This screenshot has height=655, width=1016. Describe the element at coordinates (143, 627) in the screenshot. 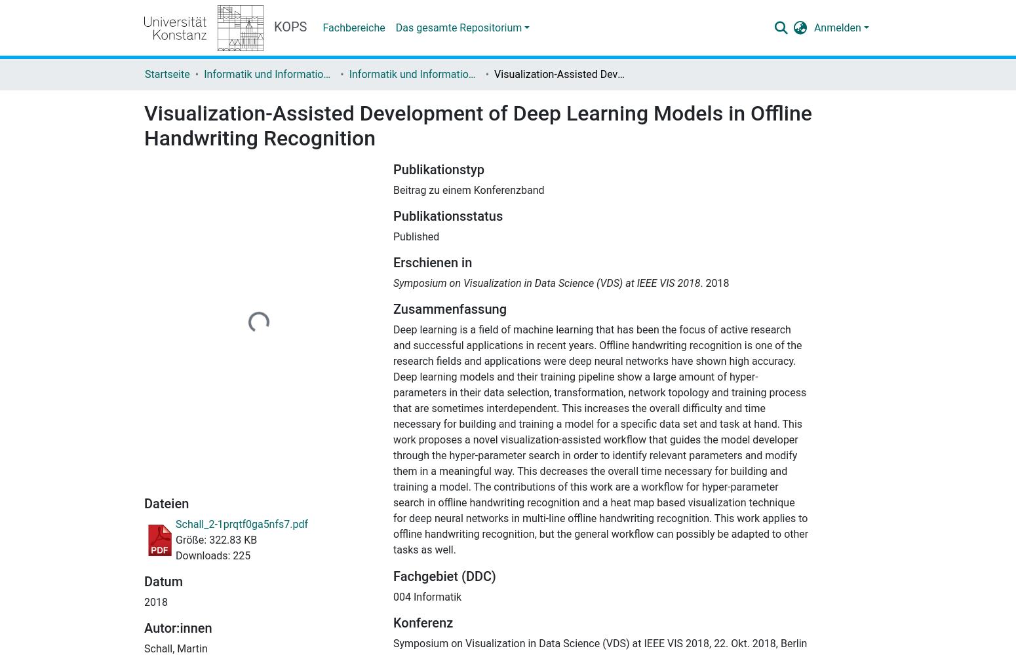

I see `'Autor:innen'` at that location.